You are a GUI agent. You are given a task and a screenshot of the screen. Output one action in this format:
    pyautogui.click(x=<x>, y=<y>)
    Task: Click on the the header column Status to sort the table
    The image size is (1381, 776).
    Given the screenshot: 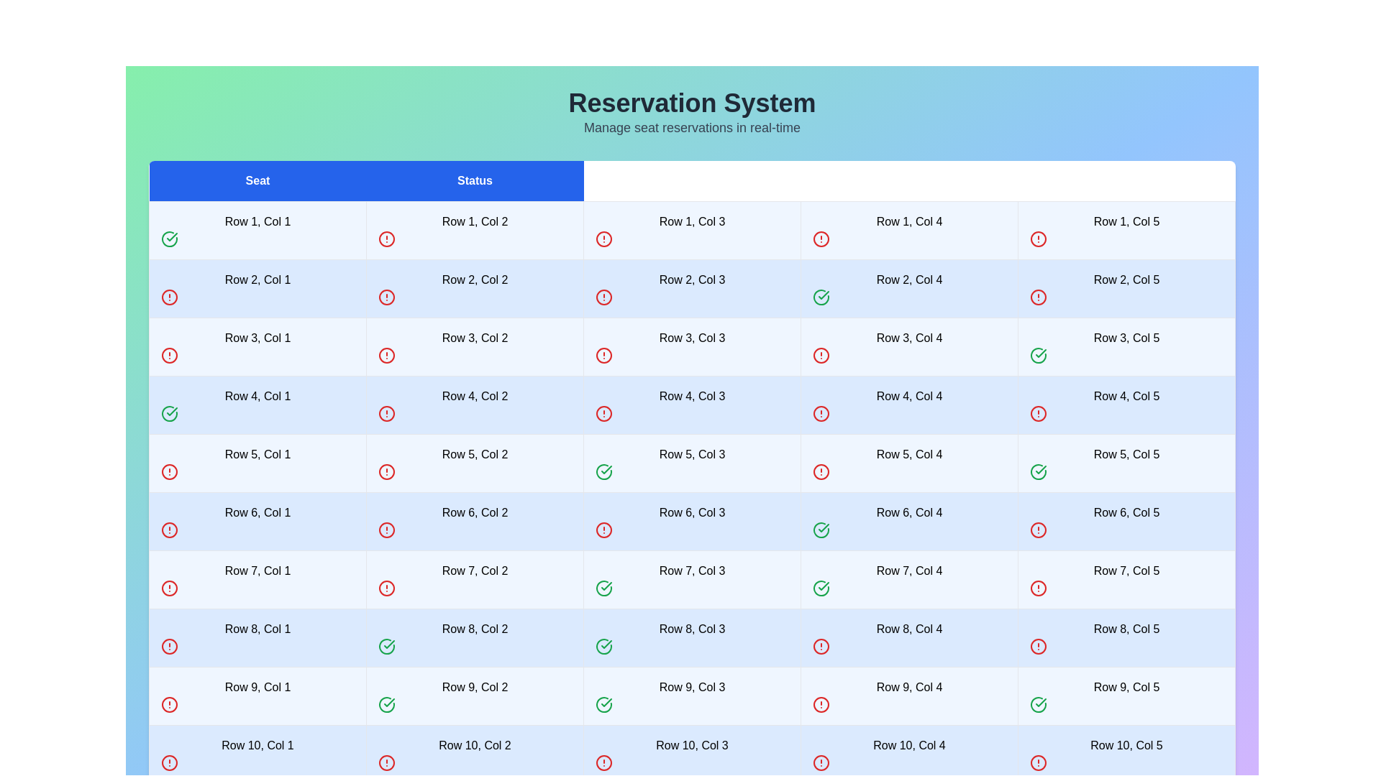 What is the action you would take?
    pyautogui.click(x=475, y=180)
    